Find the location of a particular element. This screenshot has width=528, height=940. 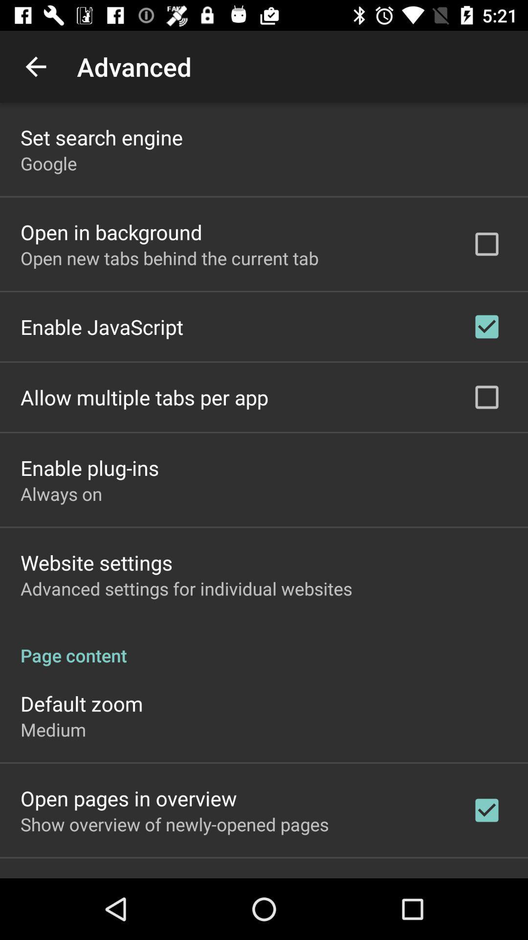

item below page content is located at coordinates (81, 703).